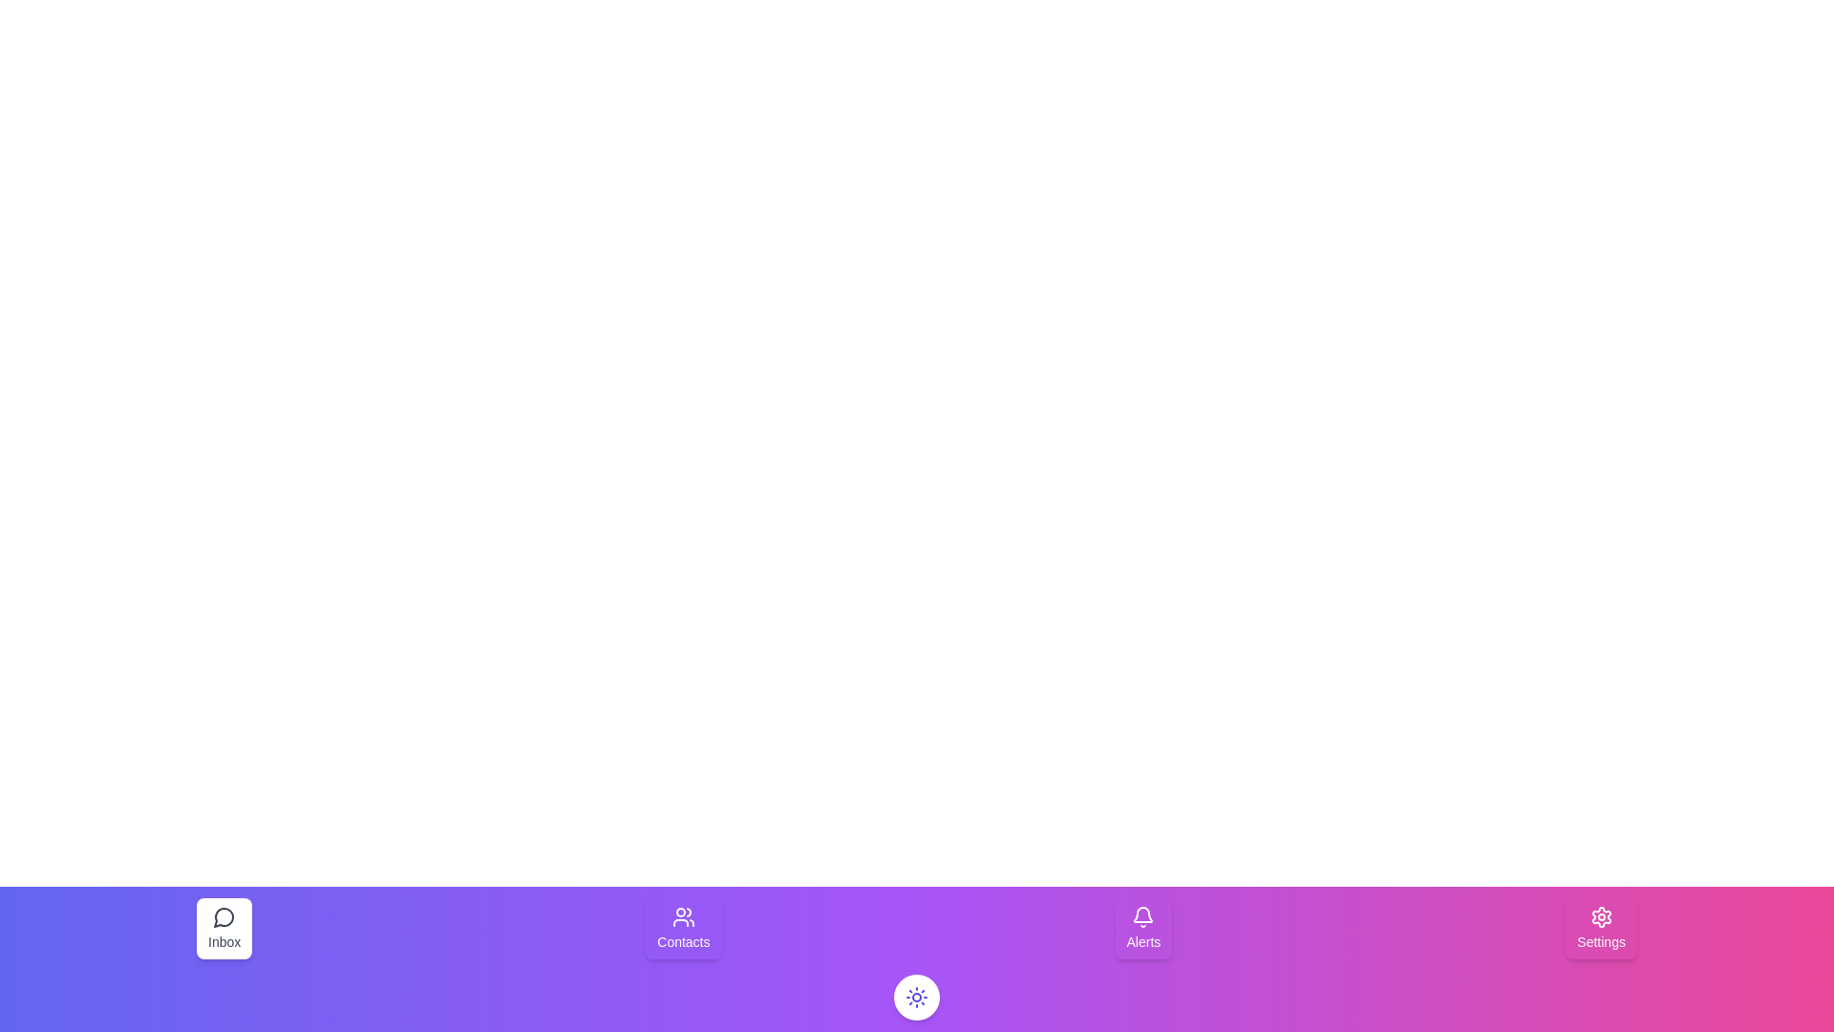 The width and height of the screenshot is (1834, 1032). Describe the element at coordinates (224, 928) in the screenshot. I see `the navigation item Inbox to select it` at that location.